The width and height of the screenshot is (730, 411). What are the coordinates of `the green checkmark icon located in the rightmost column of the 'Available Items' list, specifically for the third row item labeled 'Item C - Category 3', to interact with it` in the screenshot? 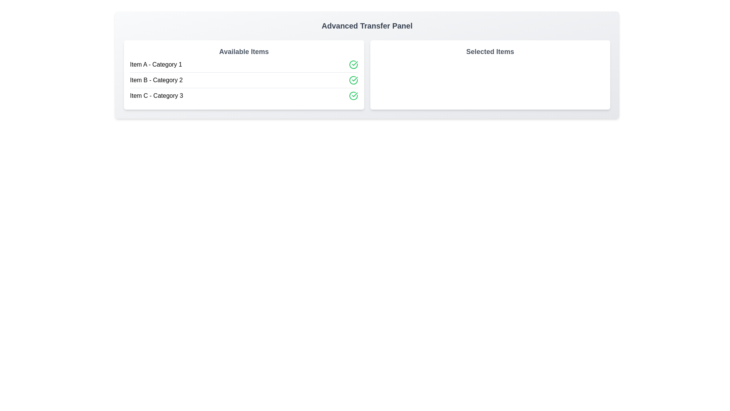 It's located at (354, 94).